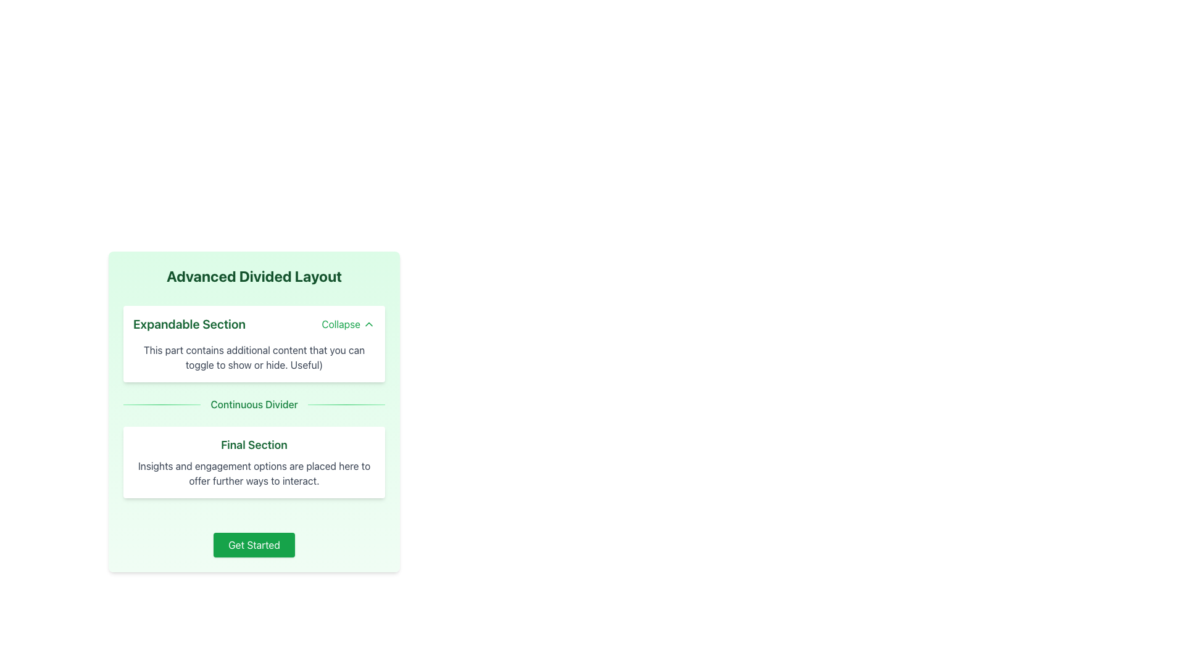  Describe the element at coordinates (347, 323) in the screenshot. I see `the 'Collapse' button with green text and an upward-pointing chevron icon` at that location.